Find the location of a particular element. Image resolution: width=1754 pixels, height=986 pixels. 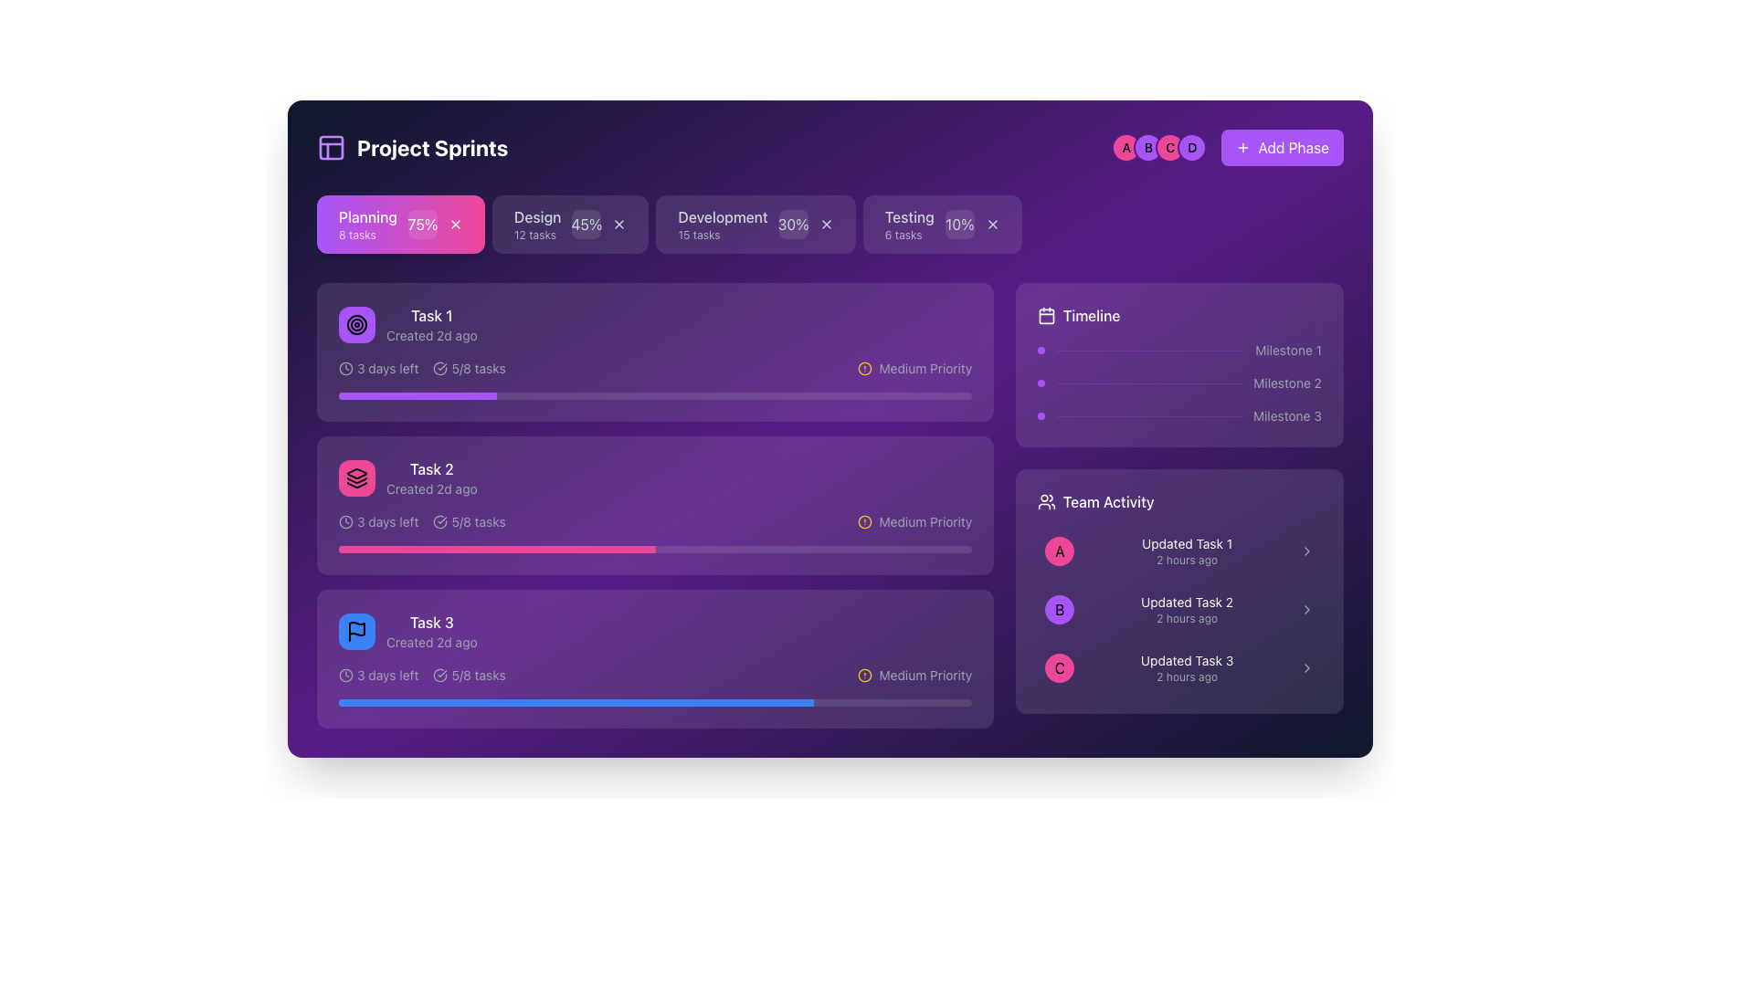

the decorative SVG graphical component located in the top-left corner, adjacent to the title text 'Project Sprints.' is located at coordinates (332, 147).